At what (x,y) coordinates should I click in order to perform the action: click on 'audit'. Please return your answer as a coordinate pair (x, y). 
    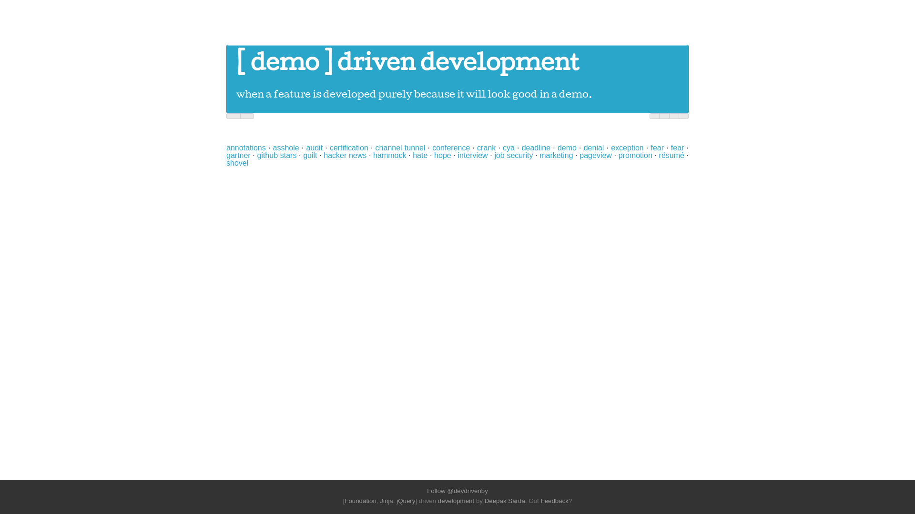
    Looking at the image, I should click on (314, 148).